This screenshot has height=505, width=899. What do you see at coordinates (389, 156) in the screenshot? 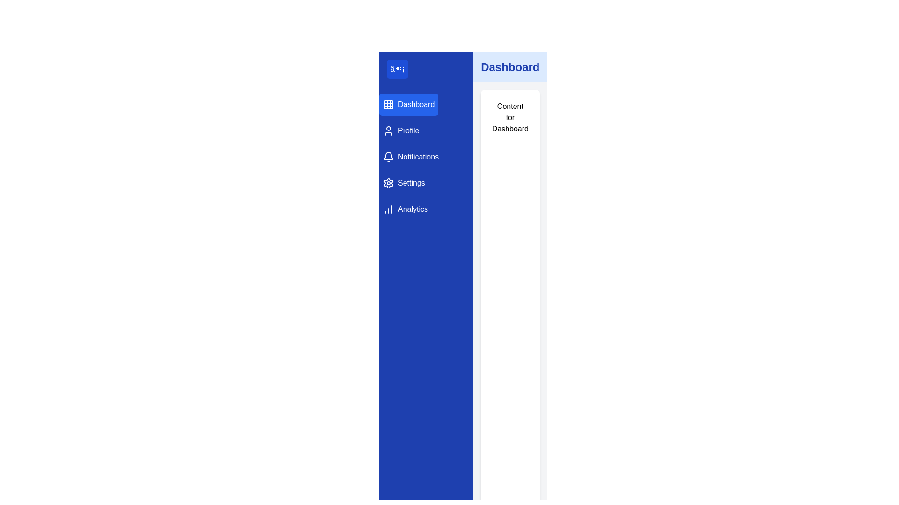
I see `the bell-shaped icon in the navigation menu, which is located to the left of the 'Notifications' text label` at bounding box center [389, 156].